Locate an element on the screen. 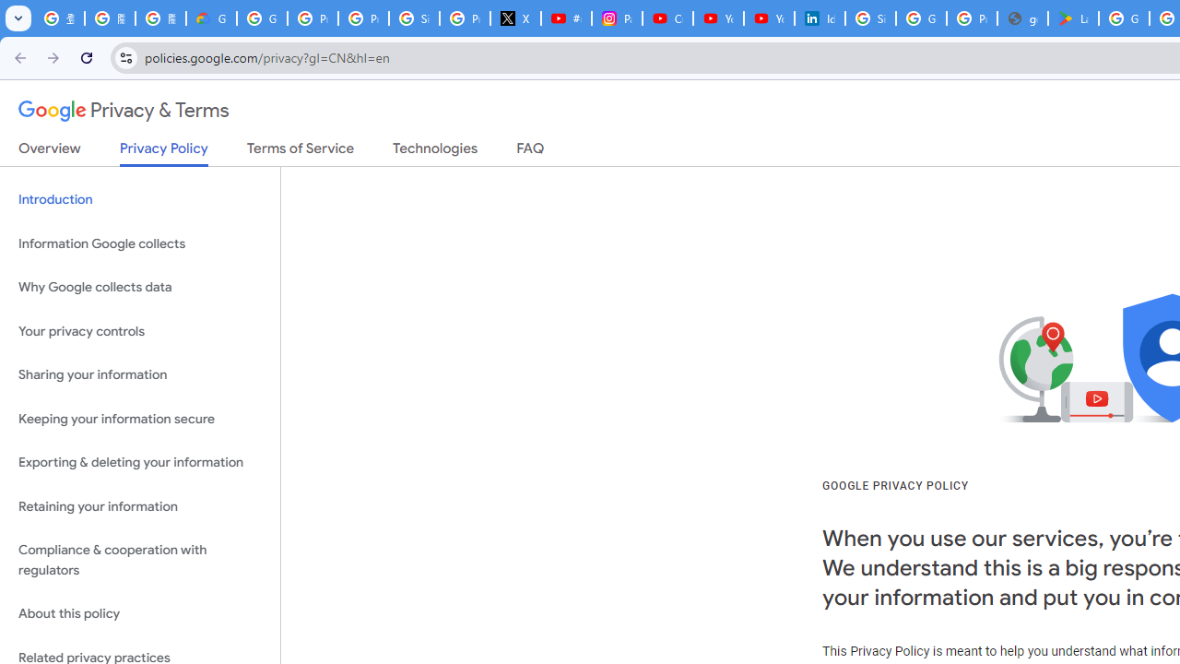 The height and width of the screenshot is (664, 1180). 'FAQ' is located at coordinates (530, 151).